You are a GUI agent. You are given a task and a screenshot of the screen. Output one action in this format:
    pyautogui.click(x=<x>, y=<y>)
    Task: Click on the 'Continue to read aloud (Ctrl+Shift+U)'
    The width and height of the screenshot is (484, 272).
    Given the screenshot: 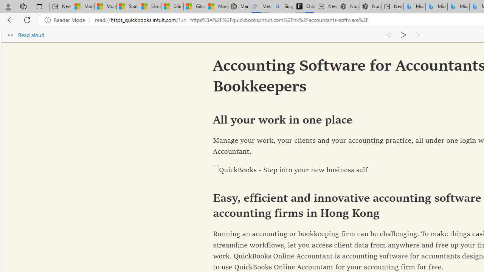 What is the action you would take?
    pyautogui.click(x=403, y=35)
    